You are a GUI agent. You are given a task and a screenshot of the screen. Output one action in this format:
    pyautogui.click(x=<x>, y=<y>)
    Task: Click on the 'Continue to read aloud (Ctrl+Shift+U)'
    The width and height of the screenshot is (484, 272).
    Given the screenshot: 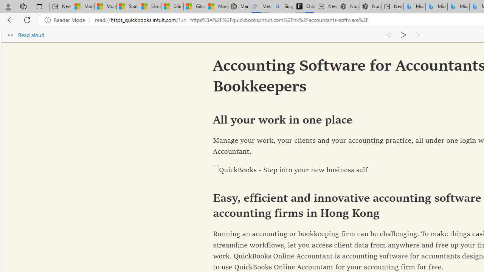 What is the action you would take?
    pyautogui.click(x=403, y=35)
    